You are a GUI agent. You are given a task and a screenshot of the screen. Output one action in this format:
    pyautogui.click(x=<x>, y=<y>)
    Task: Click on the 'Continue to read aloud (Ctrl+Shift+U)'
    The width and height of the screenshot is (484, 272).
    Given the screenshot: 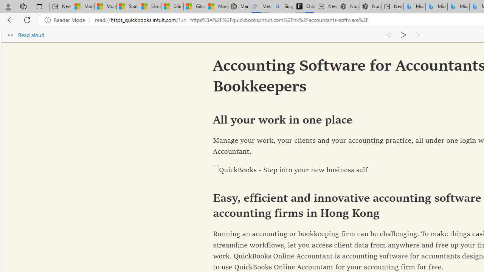 What is the action you would take?
    pyautogui.click(x=403, y=35)
    